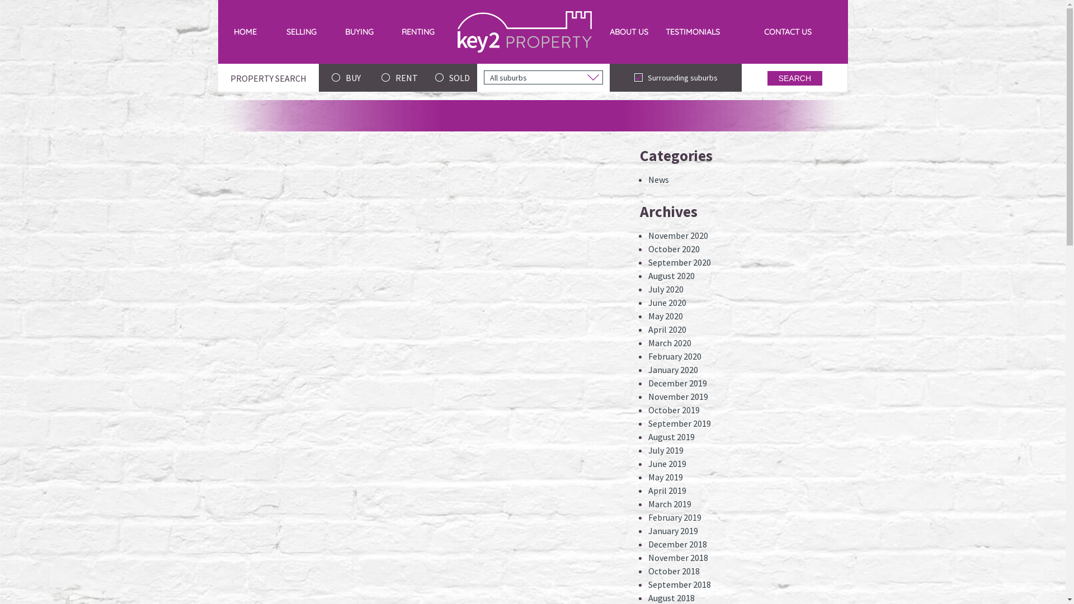 The image size is (1074, 604). Describe the element at coordinates (244, 31) in the screenshot. I see `'HOME'` at that location.